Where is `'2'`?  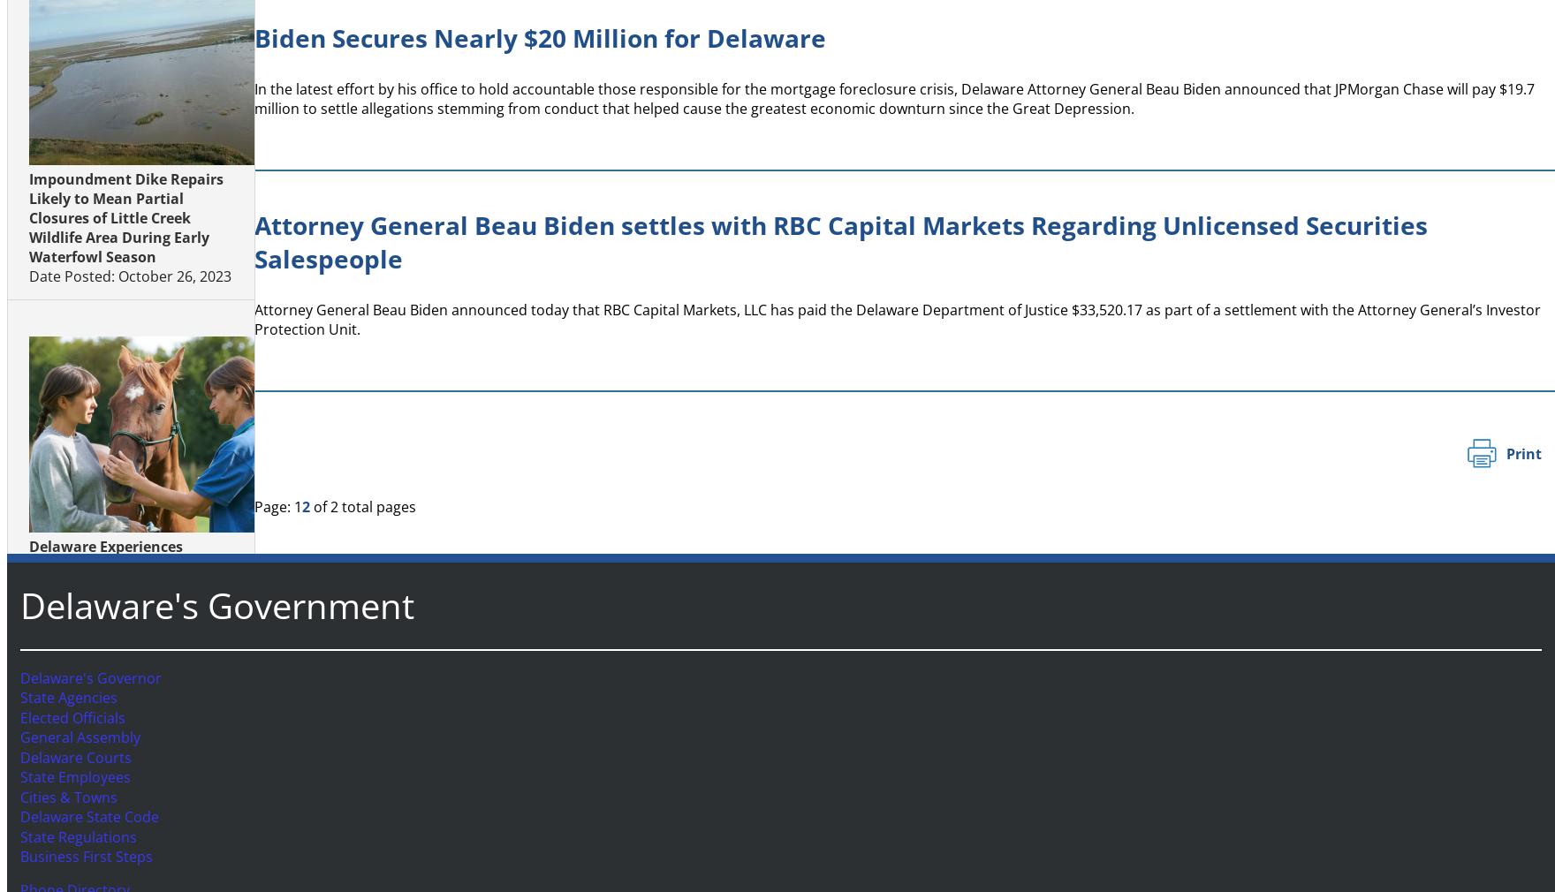
'2' is located at coordinates (305, 505).